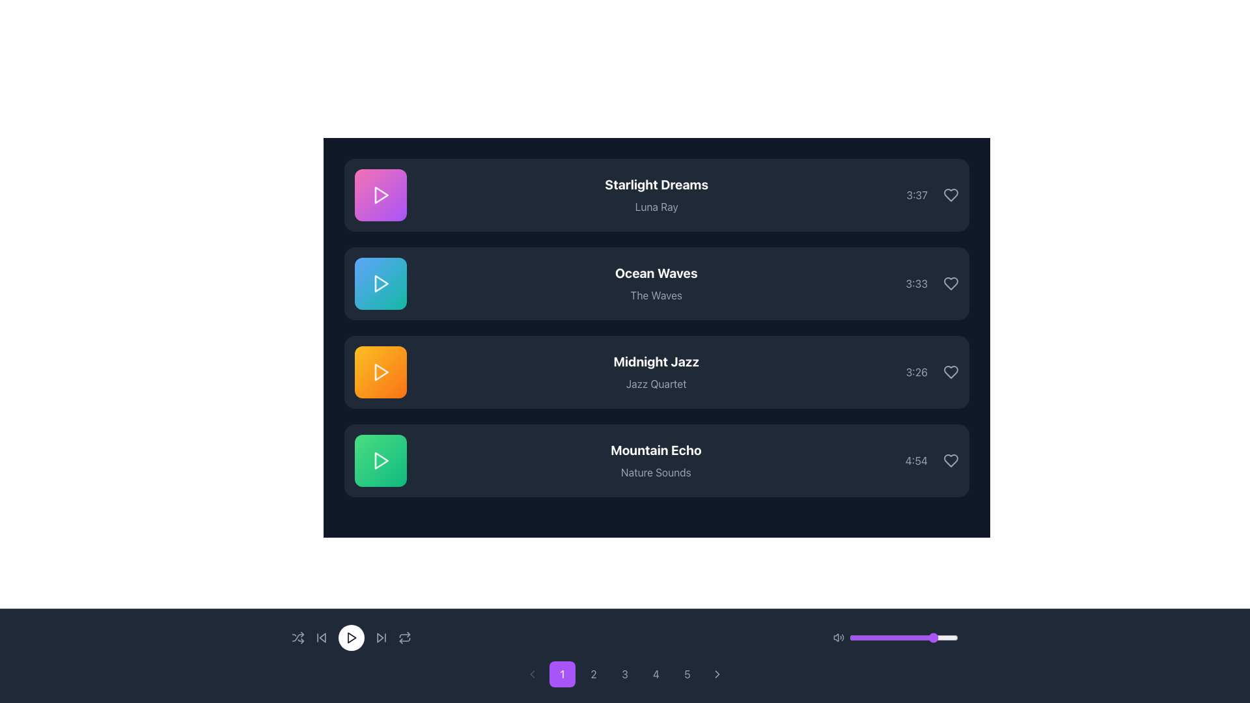 This screenshot has height=703, width=1250. What do you see at coordinates (951, 460) in the screenshot?
I see `the heart icon button located at the bottommost row of the list, aligned to the right of the text '4:54'` at bounding box center [951, 460].